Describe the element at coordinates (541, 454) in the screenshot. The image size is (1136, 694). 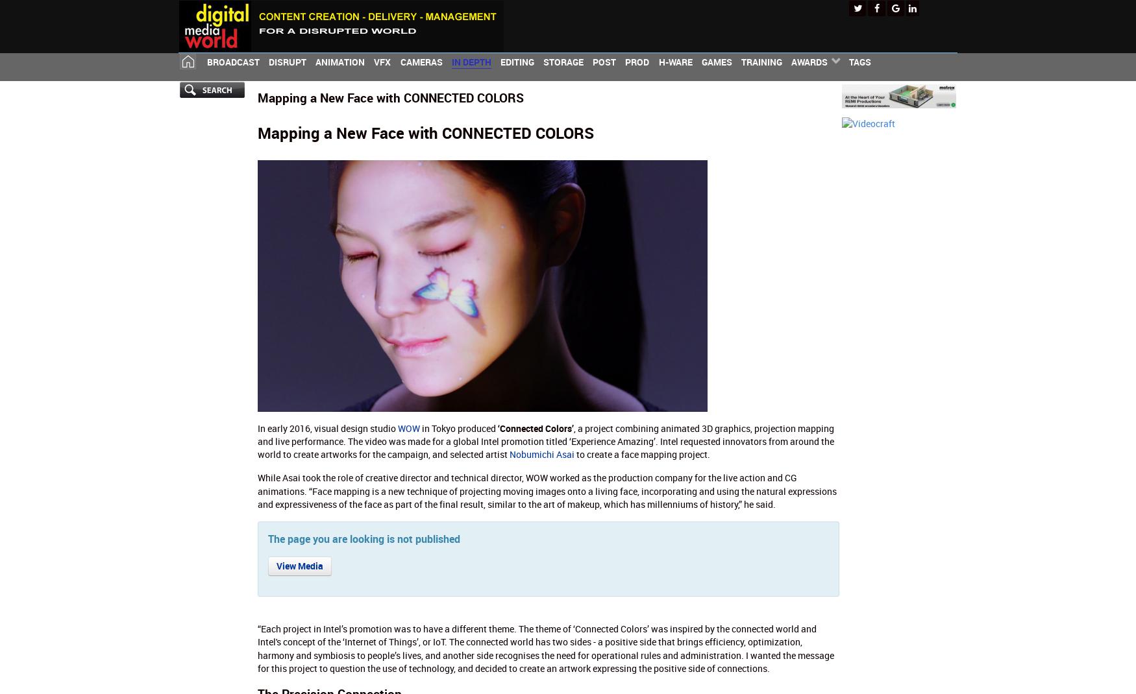
I see `'Nobumichi Asai'` at that location.